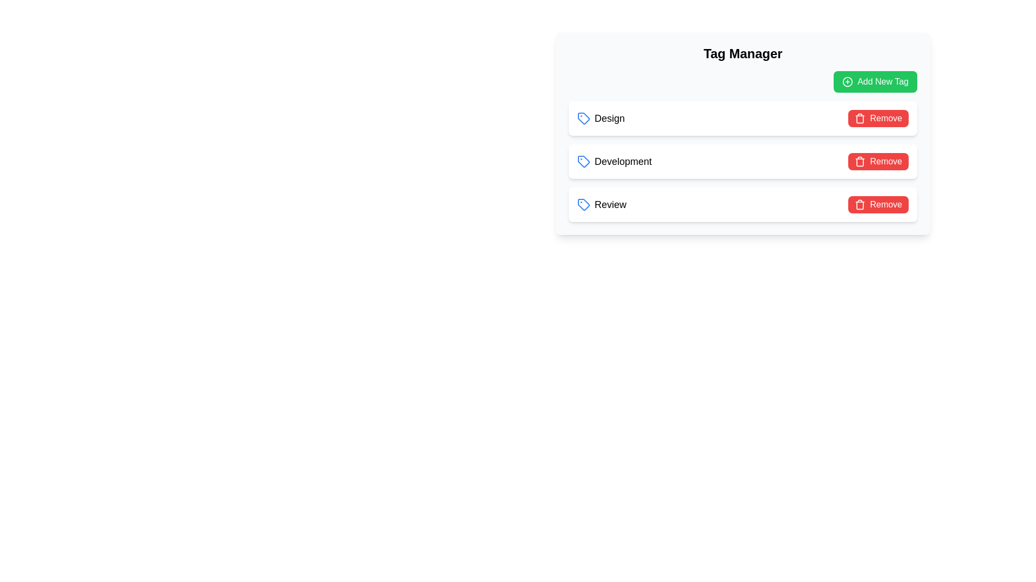 This screenshot has height=582, width=1036. I want to click on the remove icon located within the red 'Remove' button in the 'Design' row of the 'Tag Manager' interface to initiate the removal action, so click(859, 118).